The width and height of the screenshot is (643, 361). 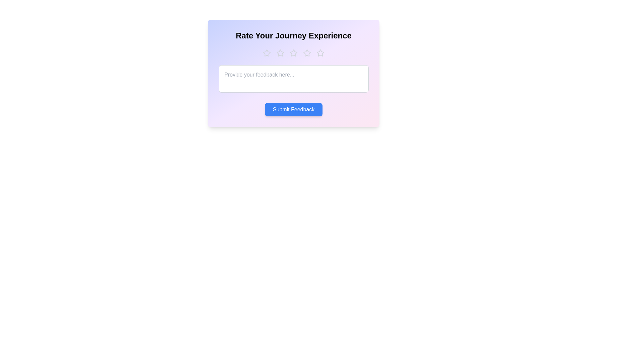 What do you see at coordinates (294, 52) in the screenshot?
I see `the star corresponding to the desired rating 3 to set the rating` at bounding box center [294, 52].